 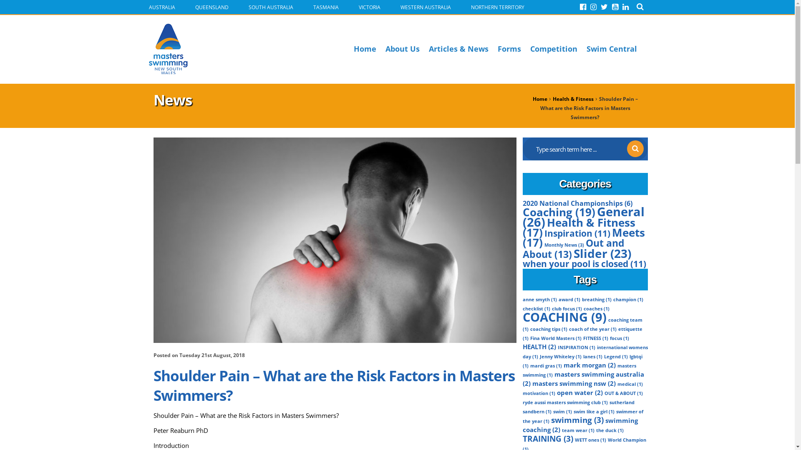 What do you see at coordinates (508, 48) in the screenshot?
I see `'Forms'` at bounding box center [508, 48].